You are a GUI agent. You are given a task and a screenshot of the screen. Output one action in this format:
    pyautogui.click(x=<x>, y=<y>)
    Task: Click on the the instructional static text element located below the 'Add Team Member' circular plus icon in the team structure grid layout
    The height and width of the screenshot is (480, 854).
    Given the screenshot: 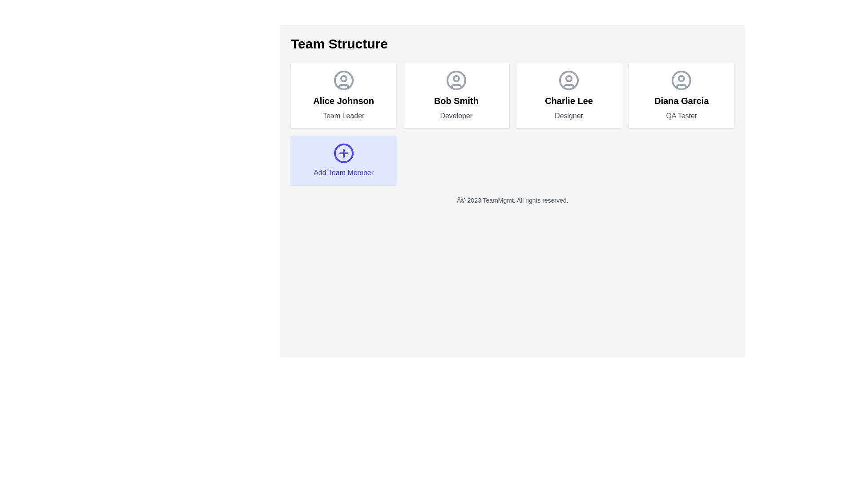 What is the action you would take?
    pyautogui.click(x=343, y=173)
    